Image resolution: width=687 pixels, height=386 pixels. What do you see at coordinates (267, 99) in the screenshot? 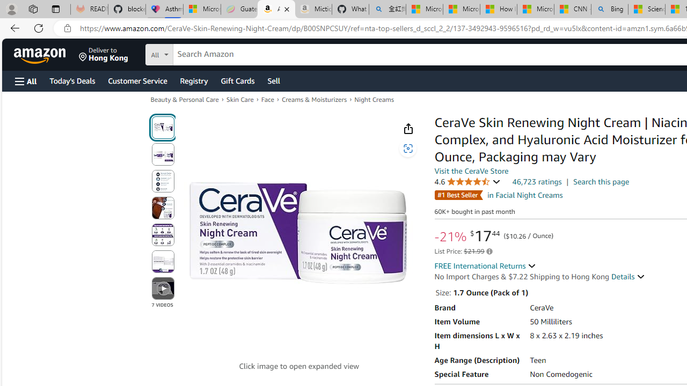
I see `'Face'` at bounding box center [267, 99].